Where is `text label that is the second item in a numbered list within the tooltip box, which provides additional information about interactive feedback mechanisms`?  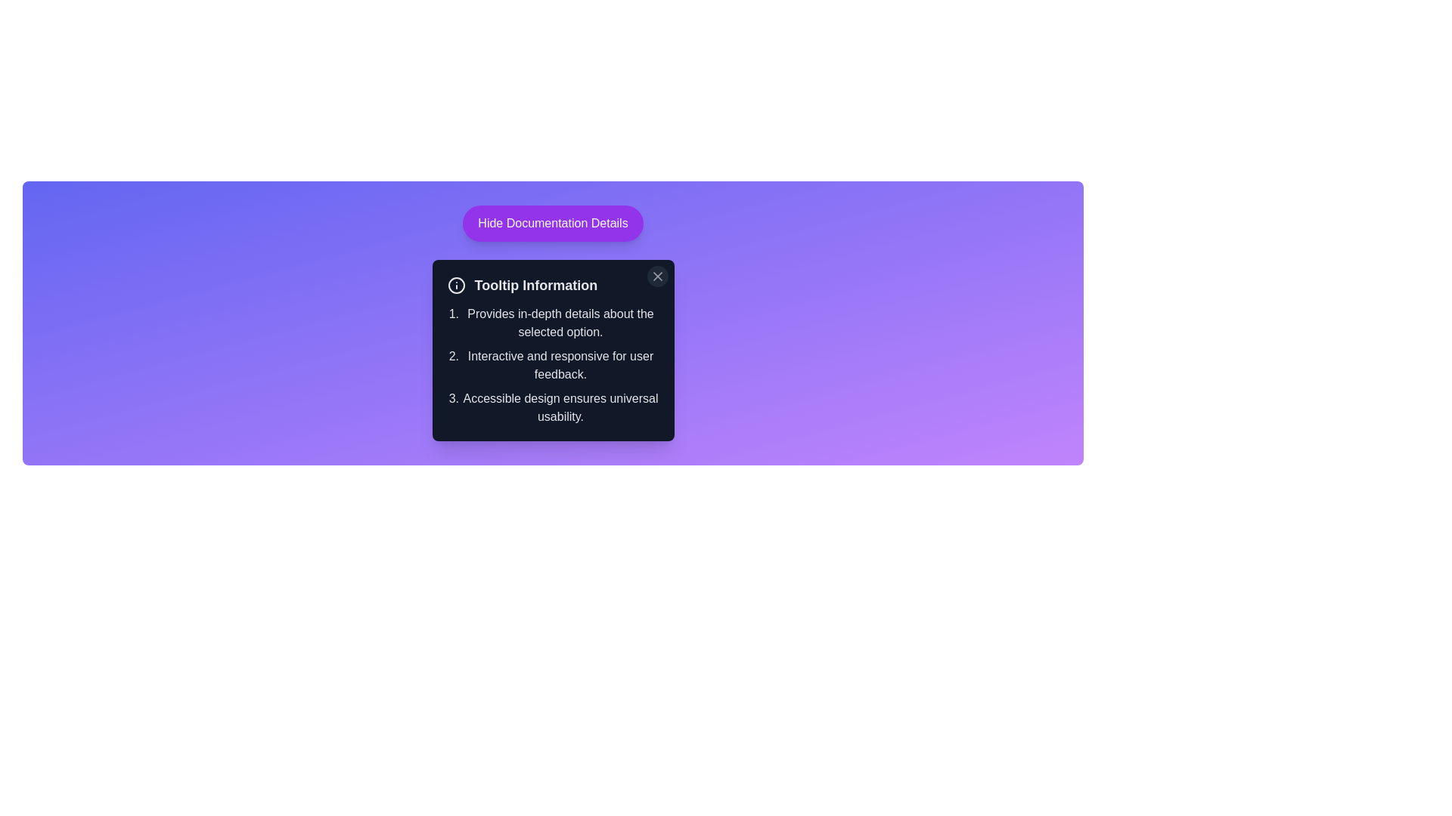 text label that is the second item in a numbered list within the tooltip box, which provides additional information about interactive feedback mechanisms is located at coordinates (560, 365).